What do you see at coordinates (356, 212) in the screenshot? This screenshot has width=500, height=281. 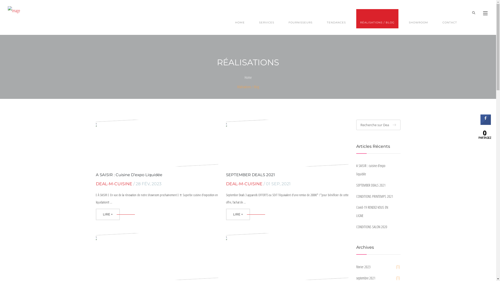 I see `'Covid-19 RENDEZ-VOUS EN LIGNE'` at bounding box center [356, 212].